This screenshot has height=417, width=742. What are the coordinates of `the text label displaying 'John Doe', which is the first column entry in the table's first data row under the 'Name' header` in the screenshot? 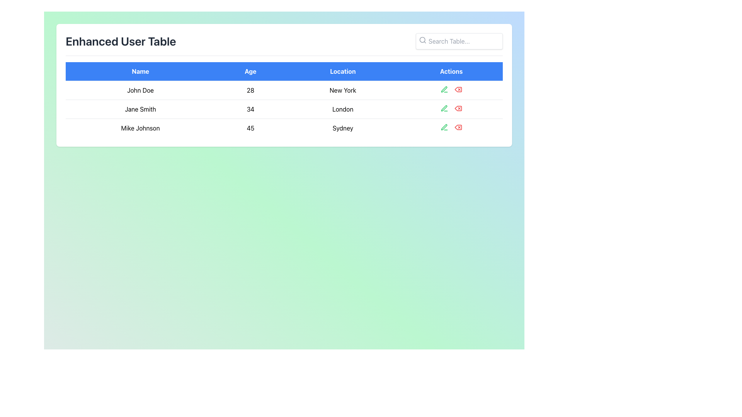 It's located at (140, 90).